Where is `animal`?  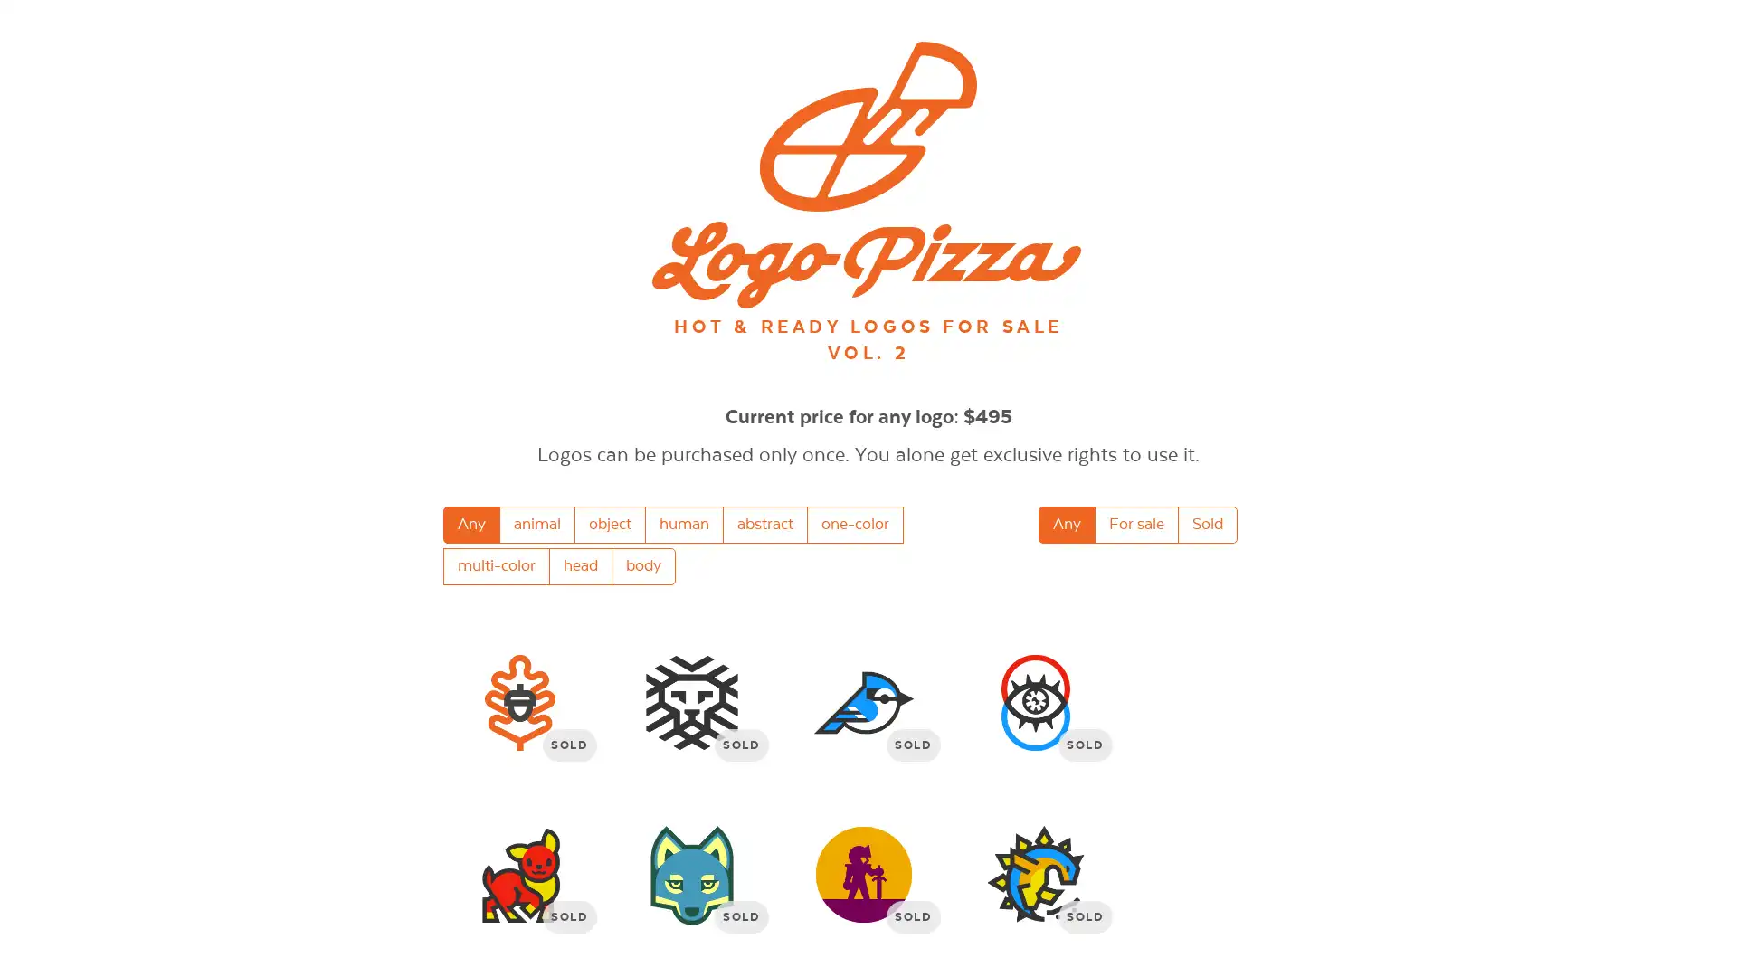 animal is located at coordinates (536, 525).